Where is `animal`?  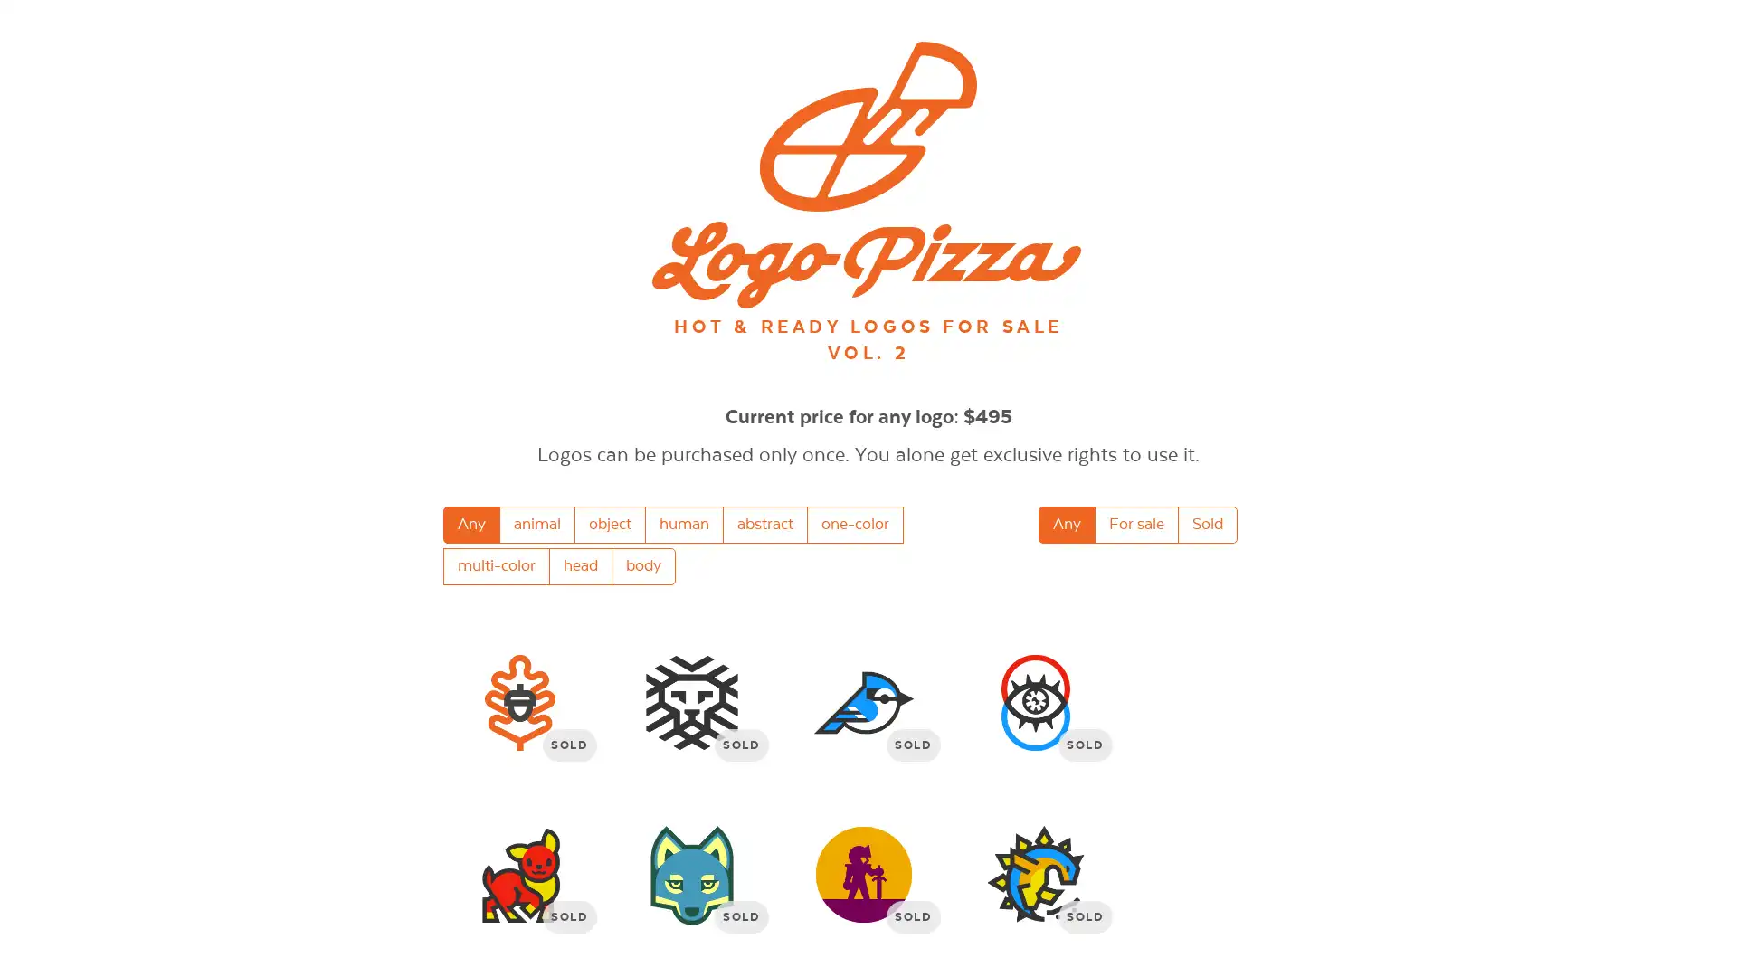 animal is located at coordinates (536, 525).